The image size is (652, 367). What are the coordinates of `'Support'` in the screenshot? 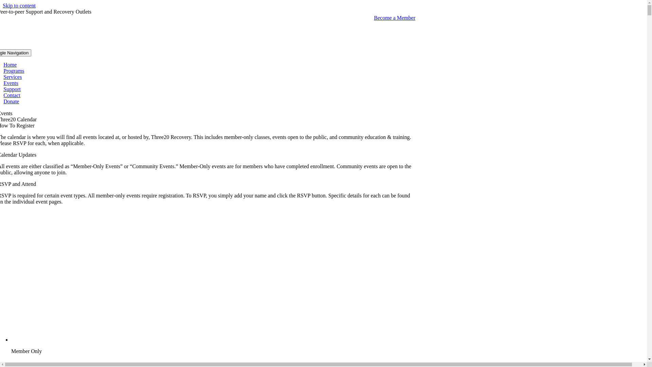 It's located at (12, 89).